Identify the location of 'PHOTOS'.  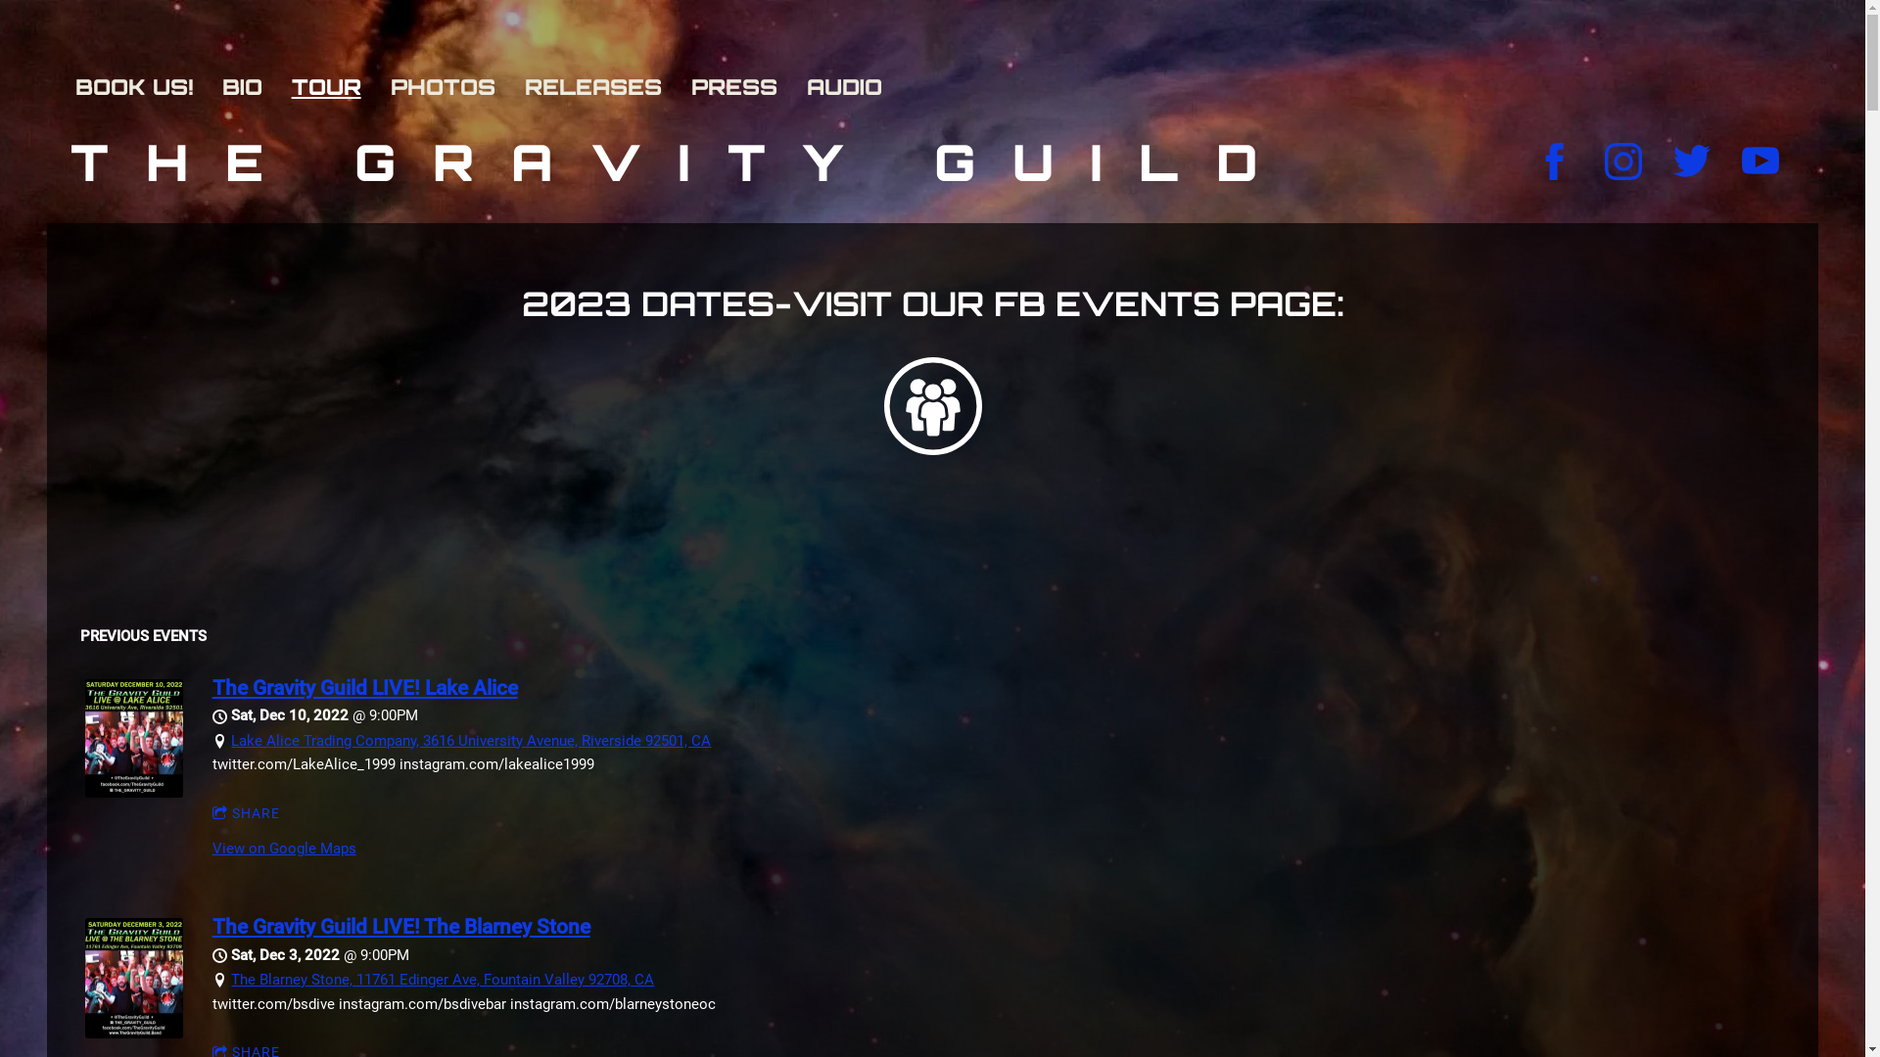
(451, 85).